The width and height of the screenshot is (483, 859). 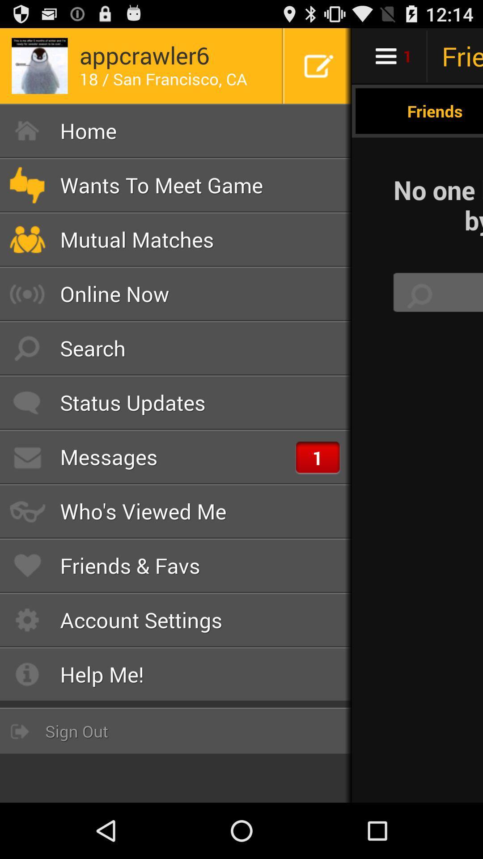 What do you see at coordinates (417, 60) in the screenshot?
I see `the menu icon` at bounding box center [417, 60].